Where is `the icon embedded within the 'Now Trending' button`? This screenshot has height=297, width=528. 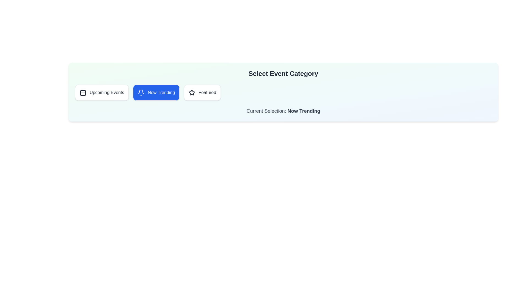
the icon embedded within the 'Now Trending' button is located at coordinates (141, 92).